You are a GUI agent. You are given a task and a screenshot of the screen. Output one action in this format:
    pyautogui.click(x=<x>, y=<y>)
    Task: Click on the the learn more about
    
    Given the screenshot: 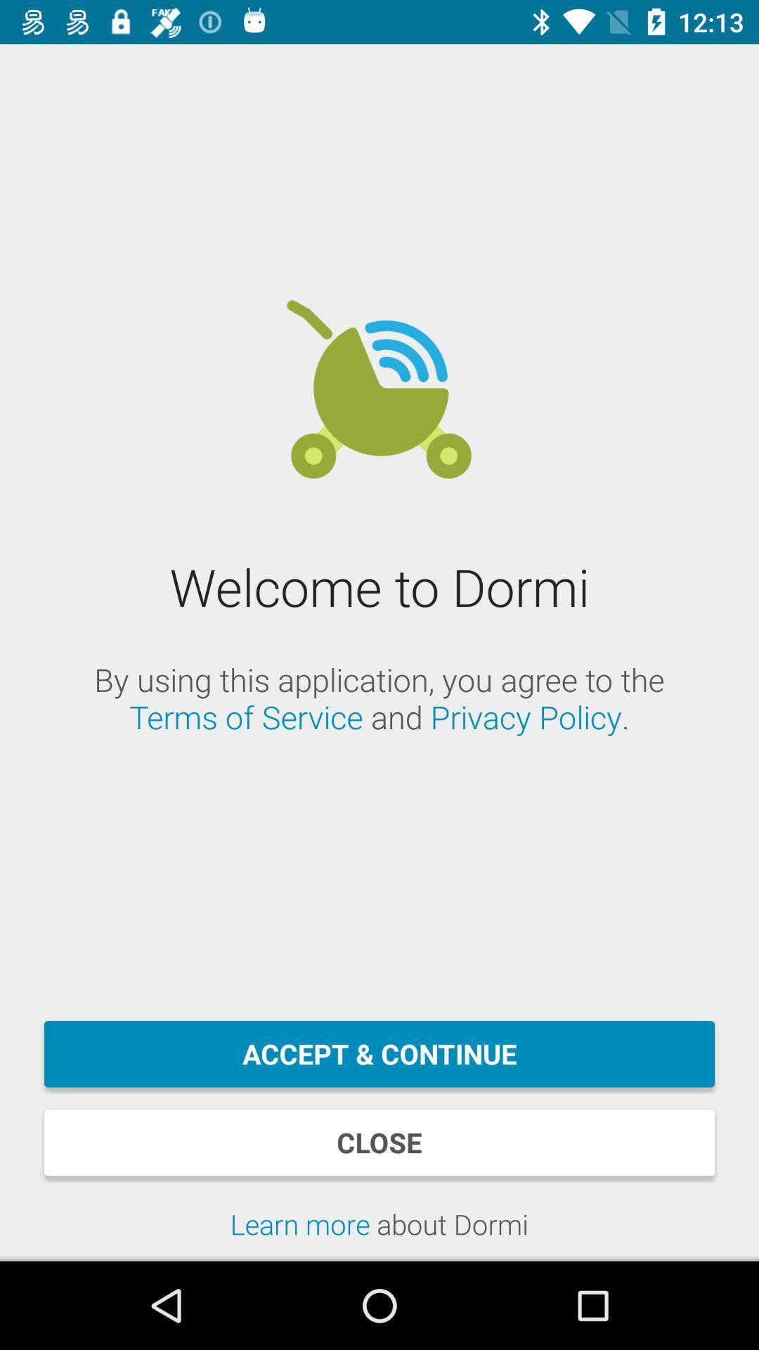 What is the action you would take?
    pyautogui.click(x=379, y=1233)
    